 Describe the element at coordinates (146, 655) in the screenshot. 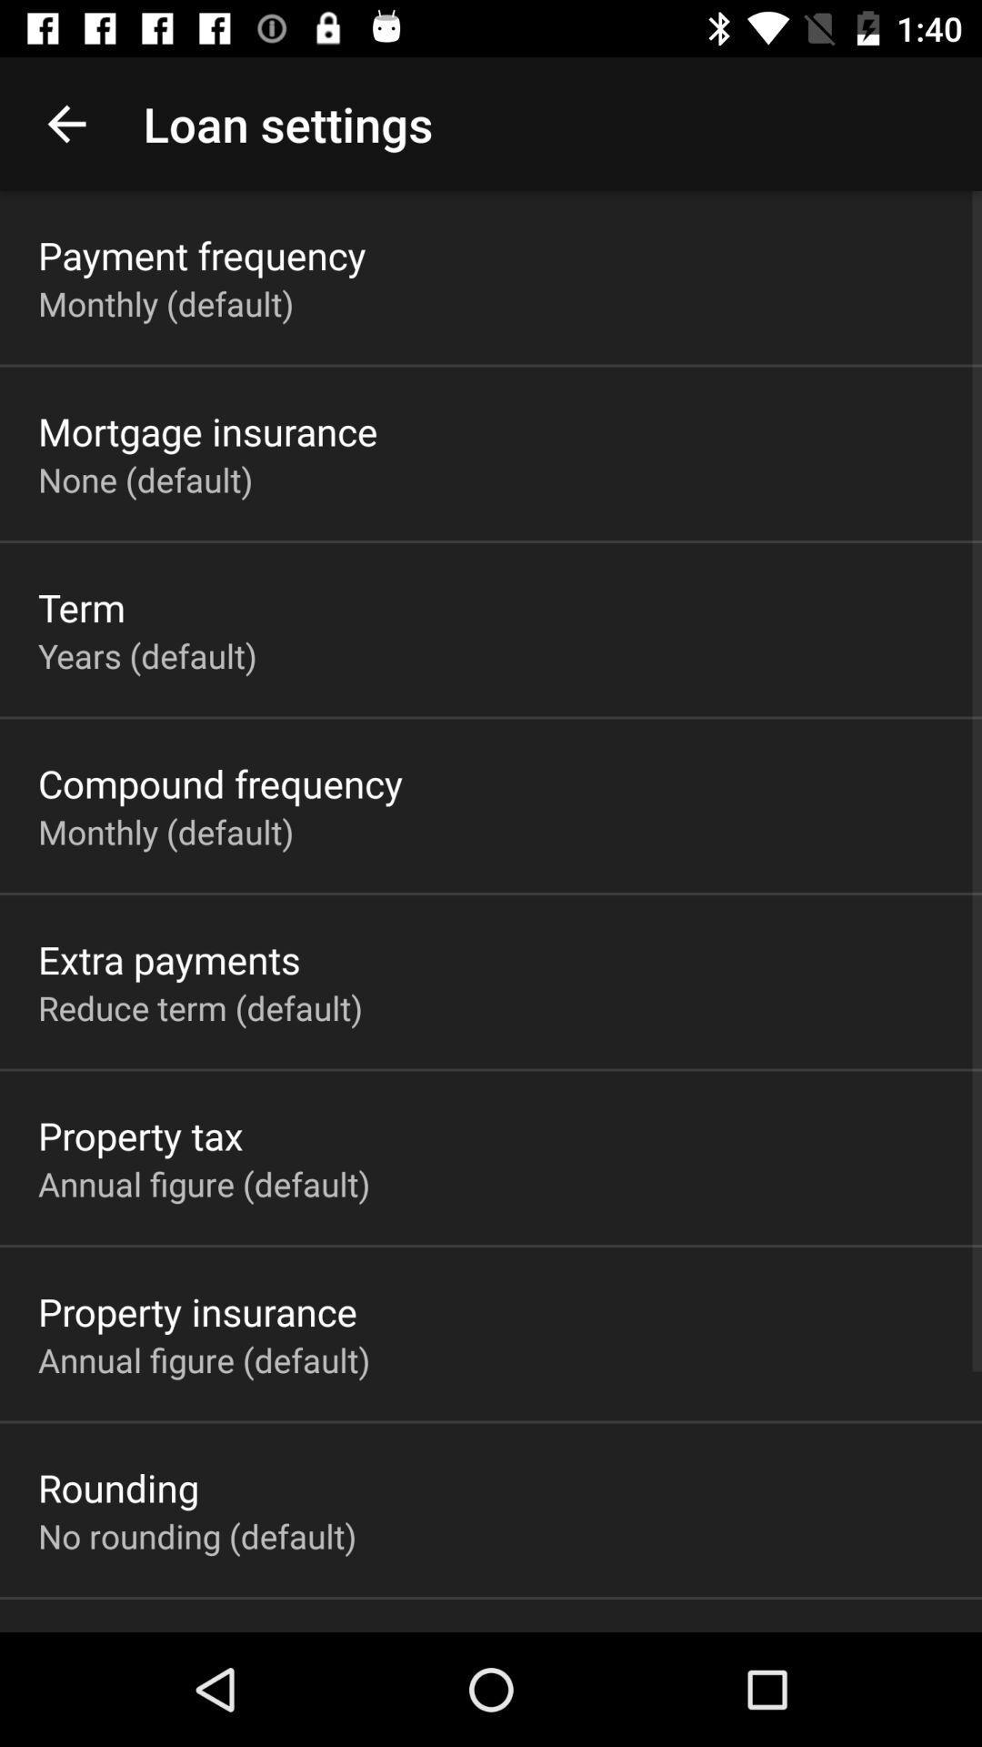

I see `the icon below term app` at that location.